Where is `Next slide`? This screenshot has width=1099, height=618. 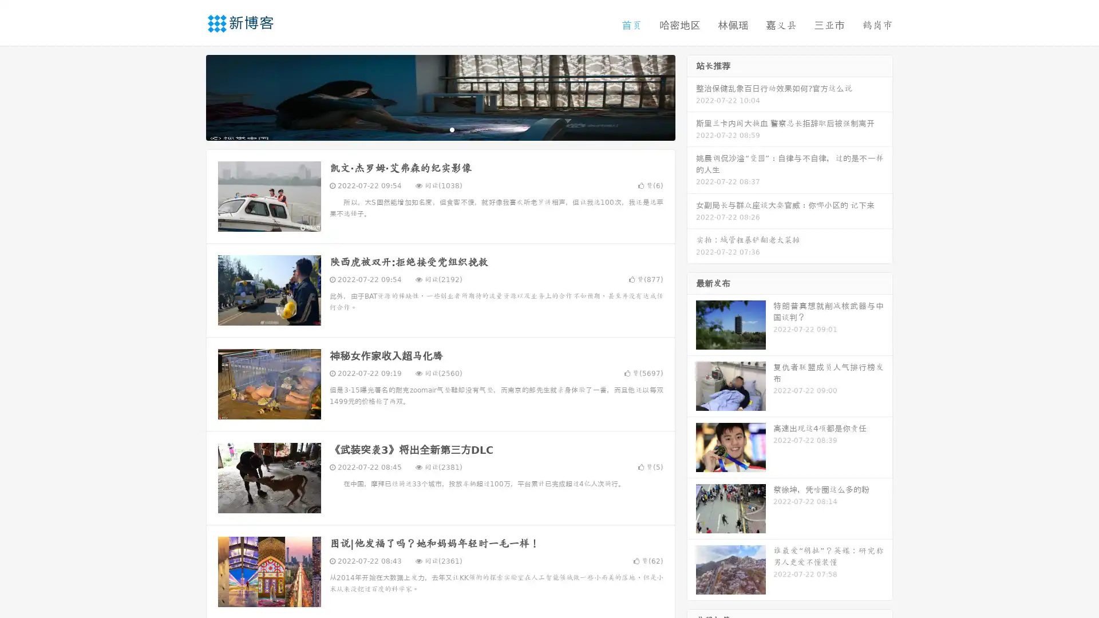 Next slide is located at coordinates (691, 96).